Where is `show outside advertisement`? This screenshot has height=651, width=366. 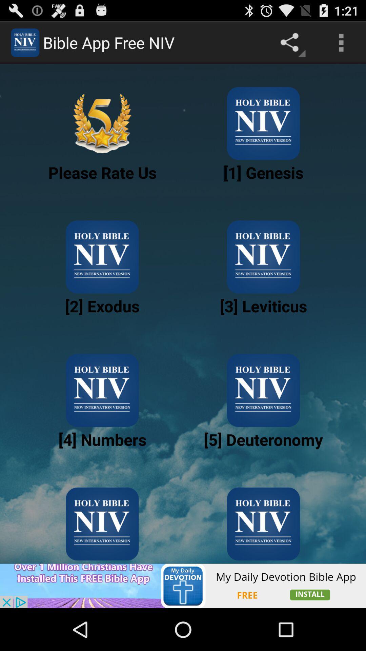 show outside advertisement is located at coordinates (183, 586).